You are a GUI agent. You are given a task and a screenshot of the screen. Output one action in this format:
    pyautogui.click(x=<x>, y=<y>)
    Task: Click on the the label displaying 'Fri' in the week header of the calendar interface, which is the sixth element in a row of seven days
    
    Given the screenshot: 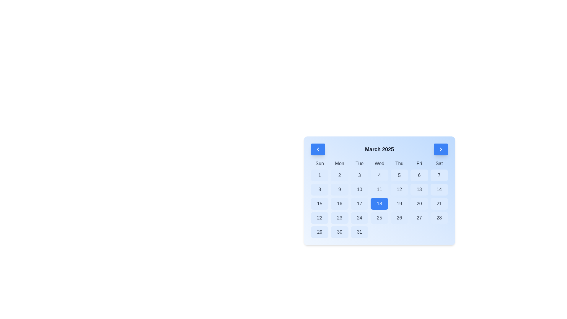 What is the action you would take?
    pyautogui.click(x=419, y=164)
    